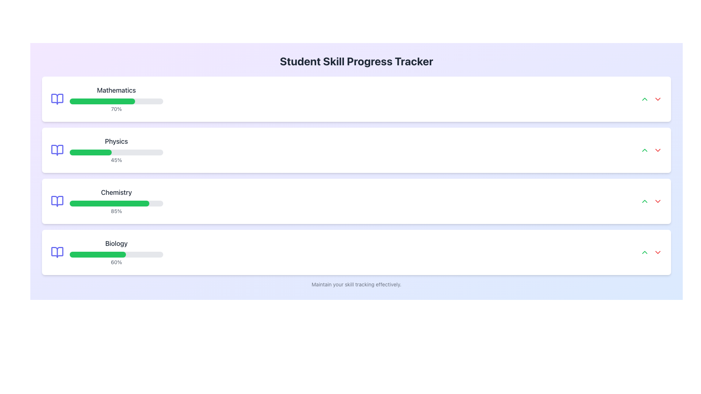  What do you see at coordinates (116, 109) in the screenshot?
I see `the '70%' text label located in the 'Mathematics' section, which is styled in gray and positioned below the green progress bar` at bounding box center [116, 109].